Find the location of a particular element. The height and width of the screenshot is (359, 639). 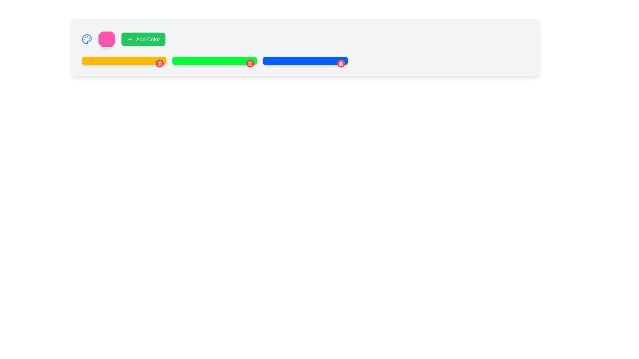

the red circular button containing the trash bin icon is located at coordinates (160, 63).